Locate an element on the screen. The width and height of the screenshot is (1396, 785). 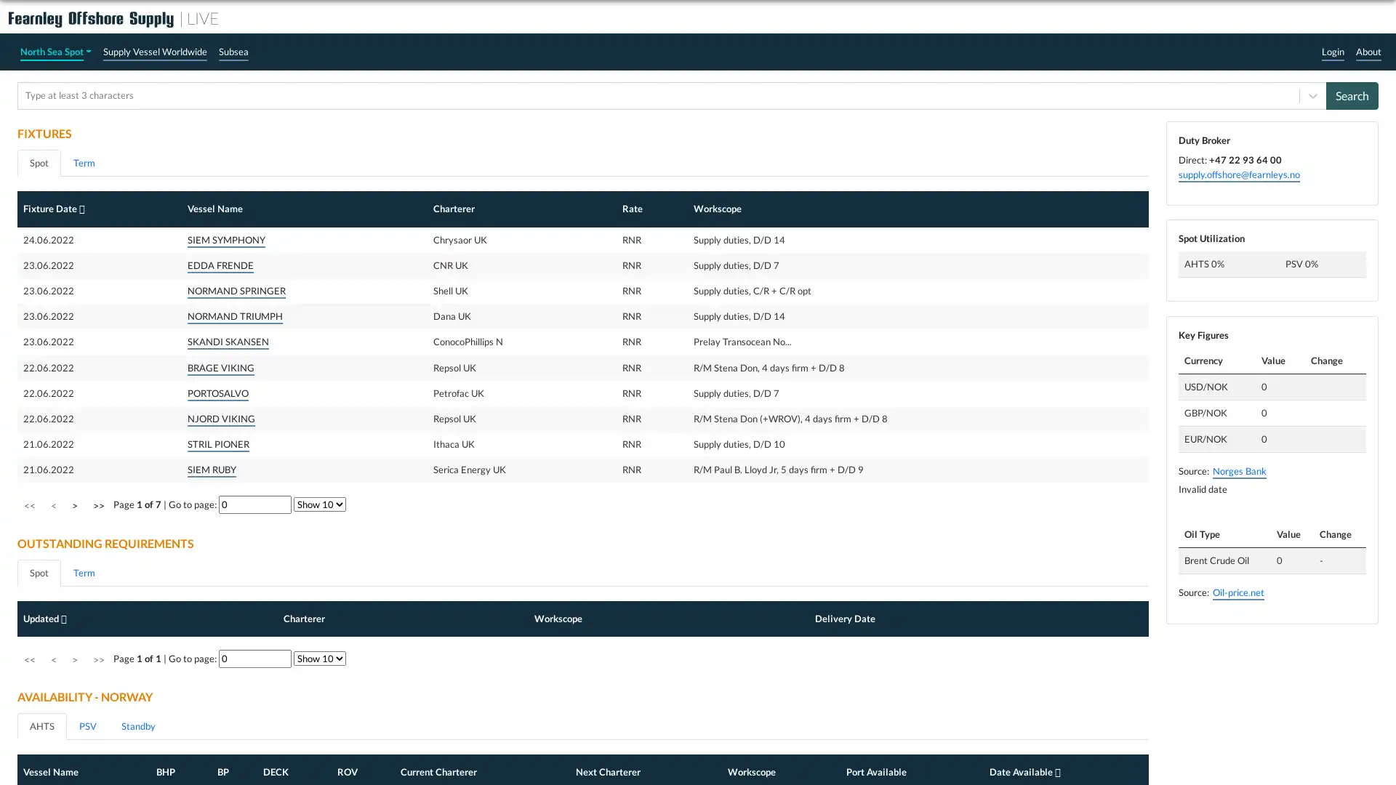
> is located at coordinates (73, 504).